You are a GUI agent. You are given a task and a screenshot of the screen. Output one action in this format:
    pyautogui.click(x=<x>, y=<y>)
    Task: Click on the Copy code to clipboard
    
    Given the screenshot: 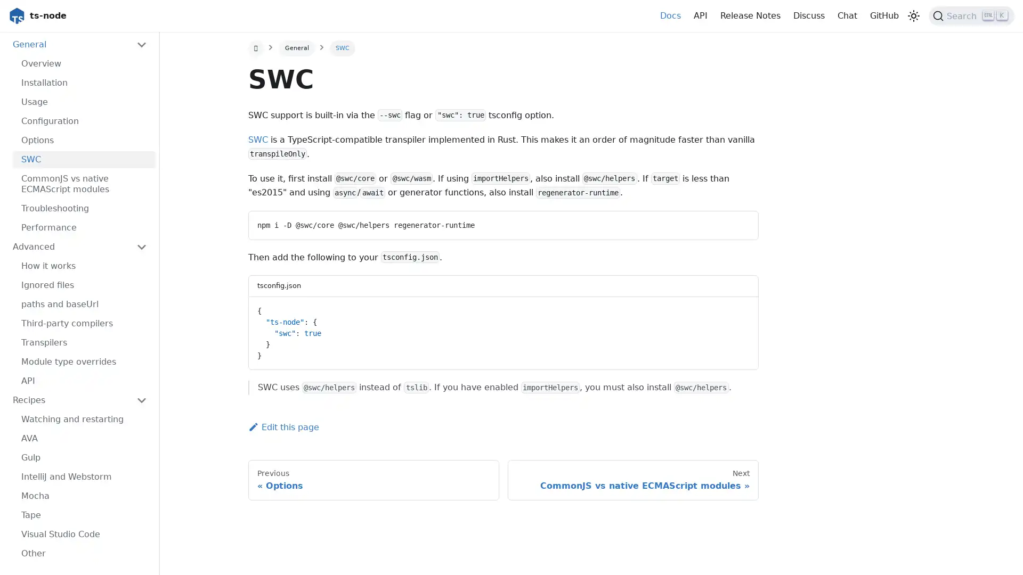 What is the action you would take?
    pyautogui.click(x=740, y=308)
    